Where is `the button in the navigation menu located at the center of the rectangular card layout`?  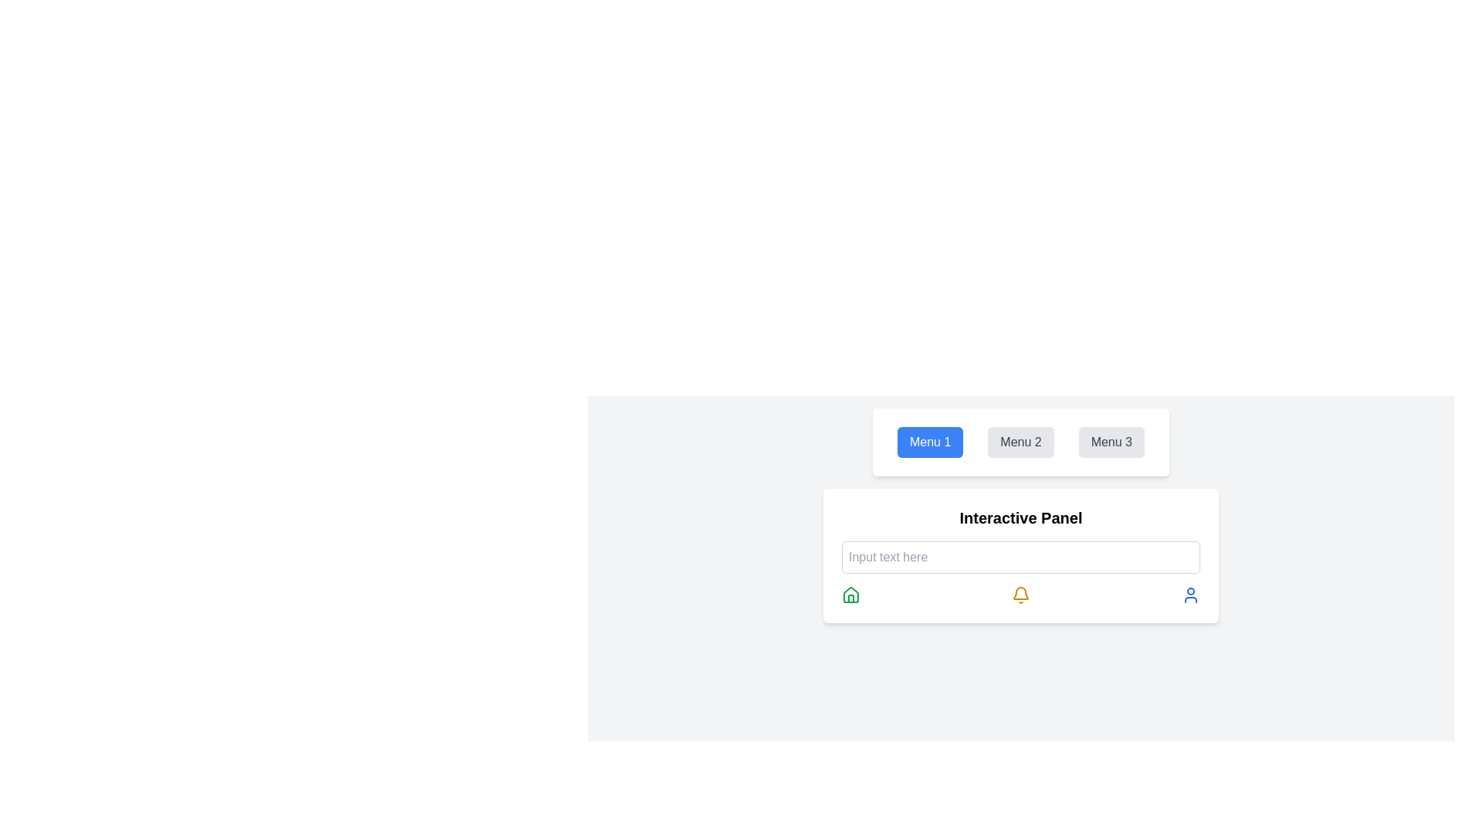
the button in the navigation menu located at the center of the rectangular card layout is located at coordinates (1020, 442).